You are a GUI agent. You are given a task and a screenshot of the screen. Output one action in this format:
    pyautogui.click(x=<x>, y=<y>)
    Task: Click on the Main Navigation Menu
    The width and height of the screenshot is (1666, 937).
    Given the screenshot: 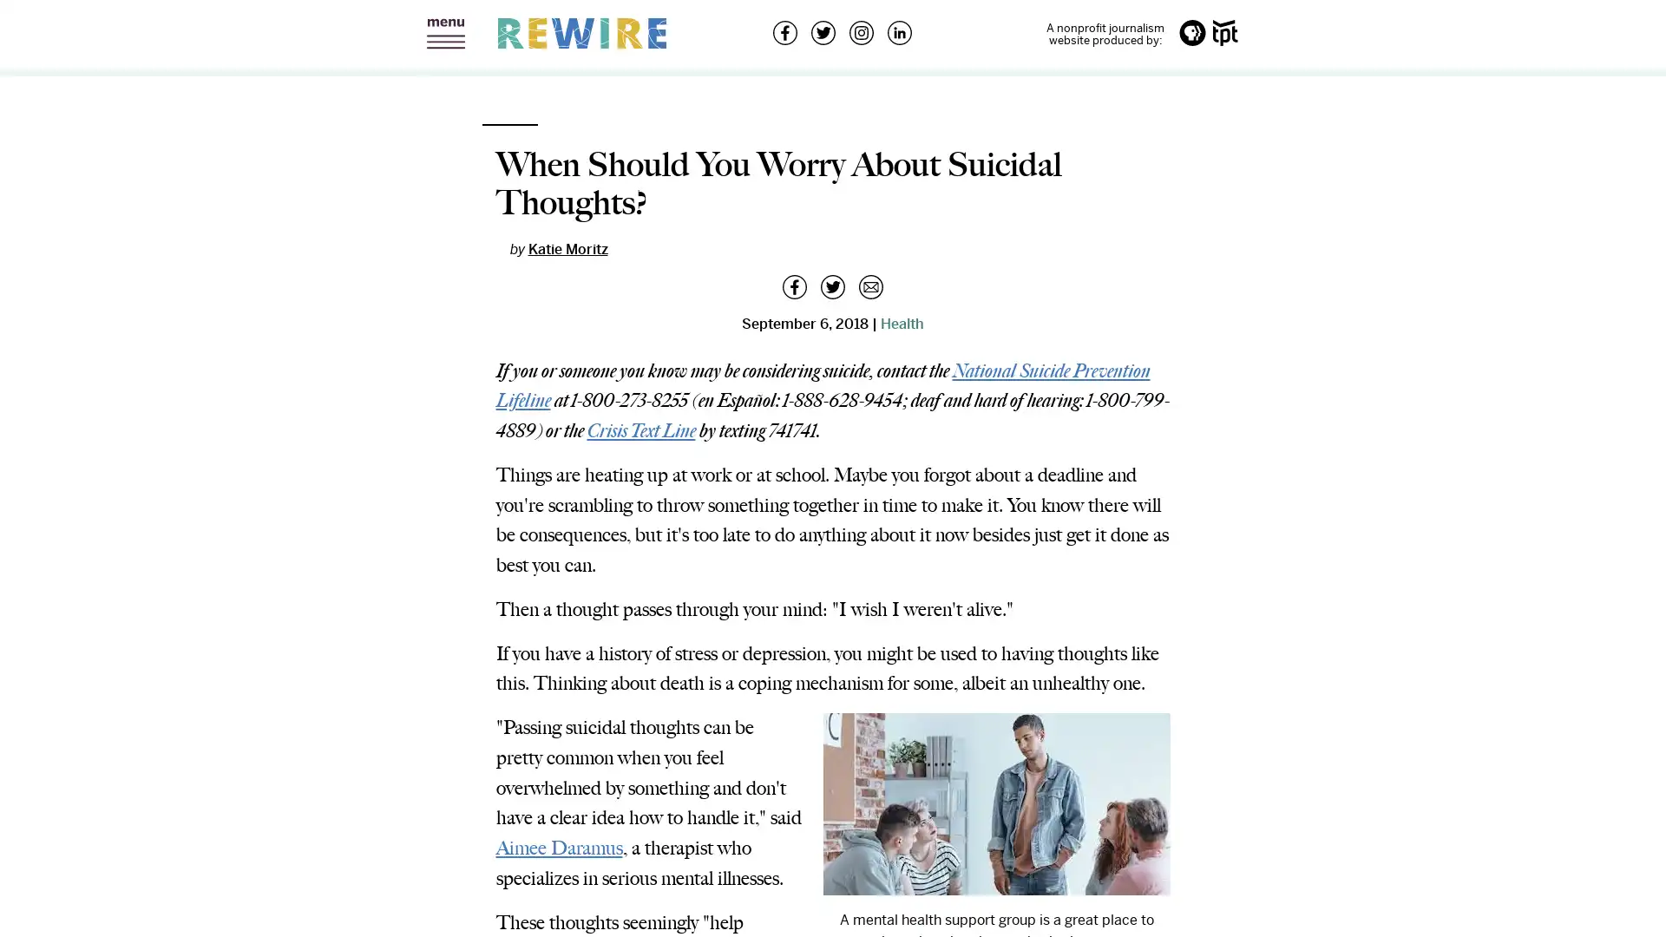 What is the action you would take?
    pyautogui.click(x=445, y=34)
    